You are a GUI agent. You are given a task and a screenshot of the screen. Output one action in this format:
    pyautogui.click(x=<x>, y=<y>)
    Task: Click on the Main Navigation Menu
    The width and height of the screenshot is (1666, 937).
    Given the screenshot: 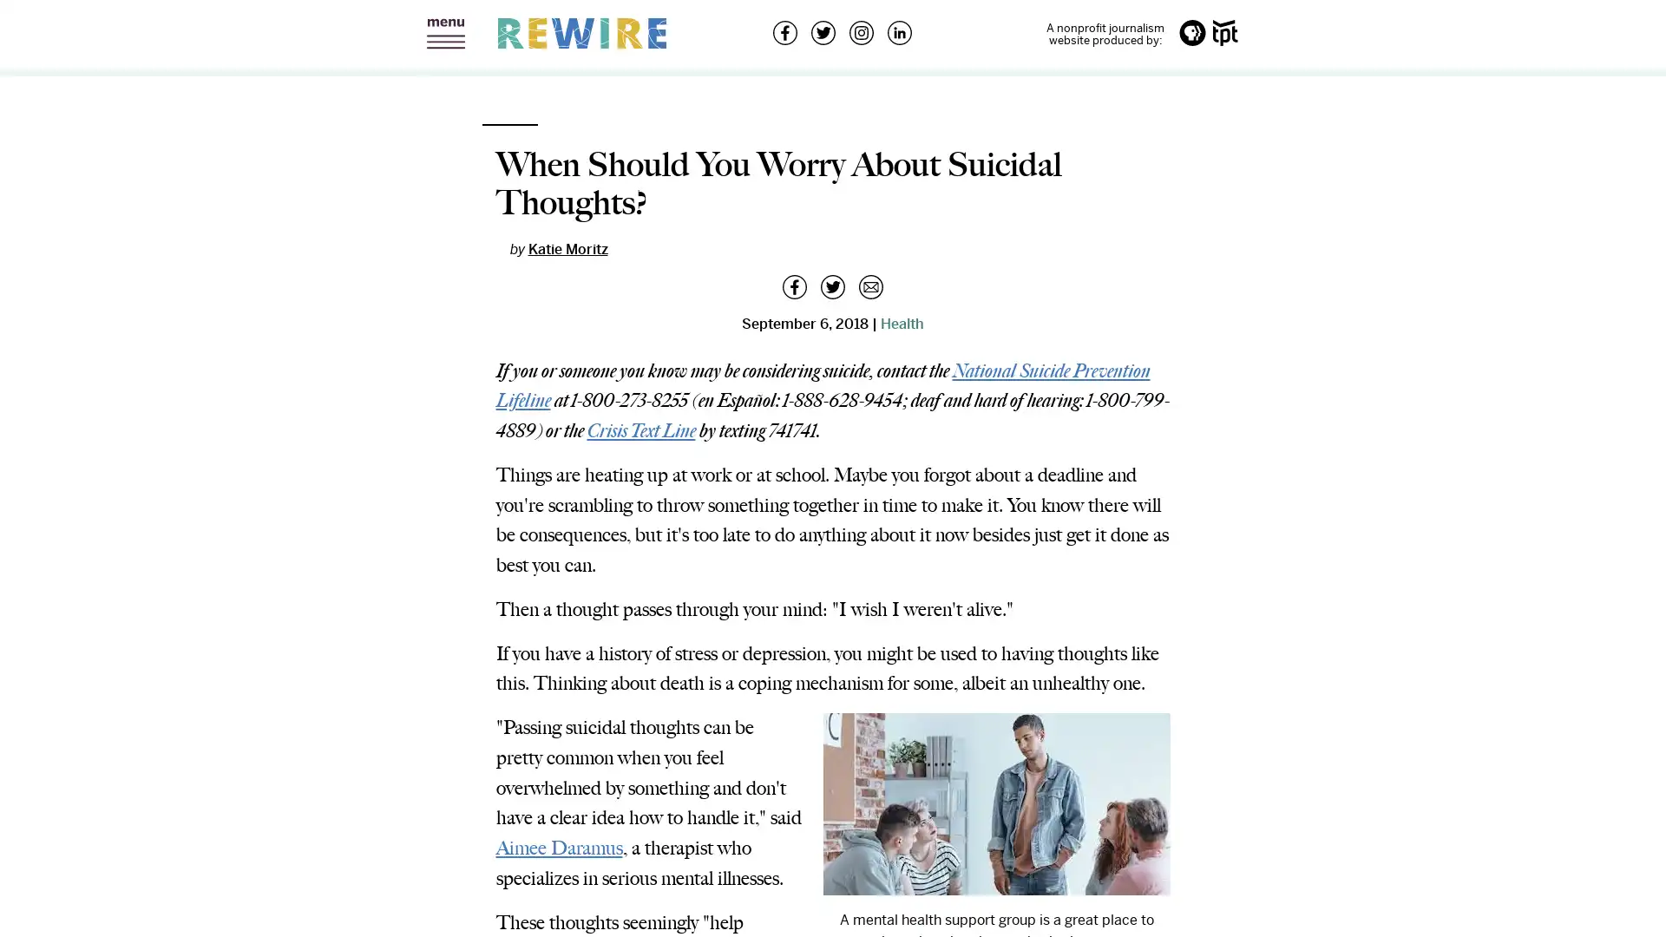 What is the action you would take?
    pyautogui.click(x=445, y=34)
    